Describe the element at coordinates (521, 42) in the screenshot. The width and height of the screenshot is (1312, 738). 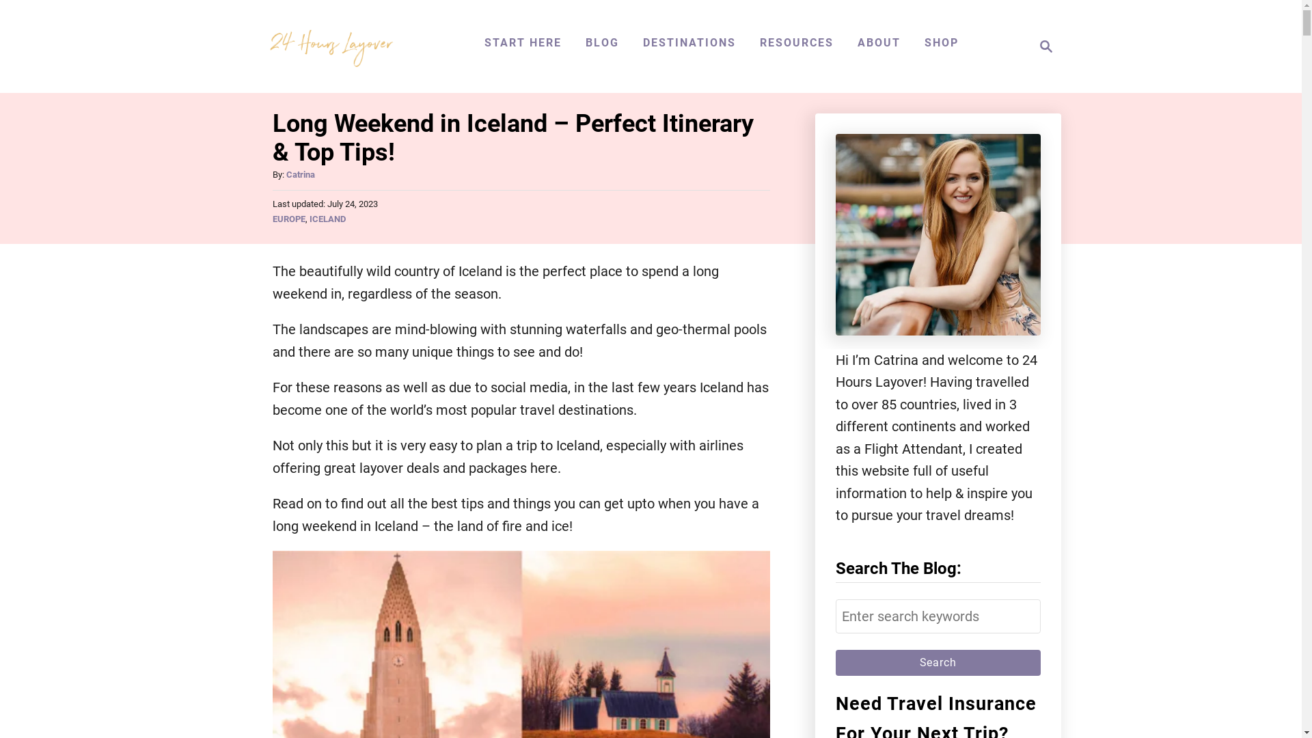
I see `'START HERE'` at that location.